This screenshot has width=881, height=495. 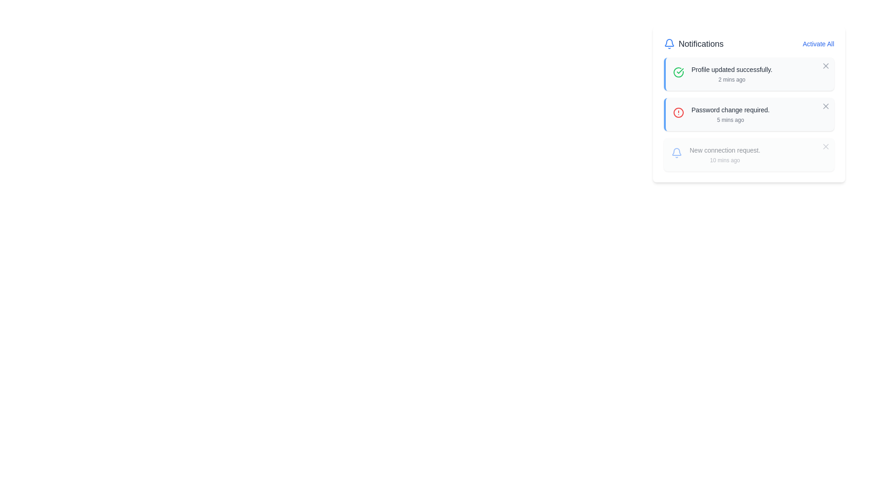 I want to click on the close button in the top-right corner of the notification card titled 'Profile updated successfully. 2 mins ago', so click(x=826, y=65).